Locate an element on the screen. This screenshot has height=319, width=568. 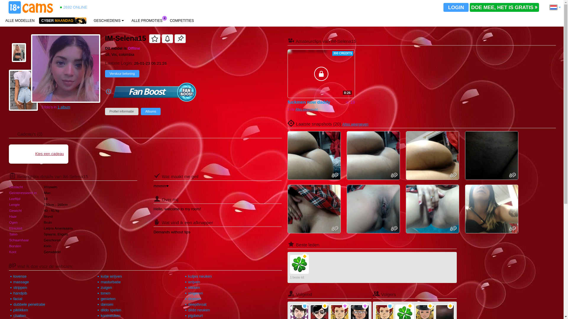
'LOGIN' is located at coordinates (456, 7).